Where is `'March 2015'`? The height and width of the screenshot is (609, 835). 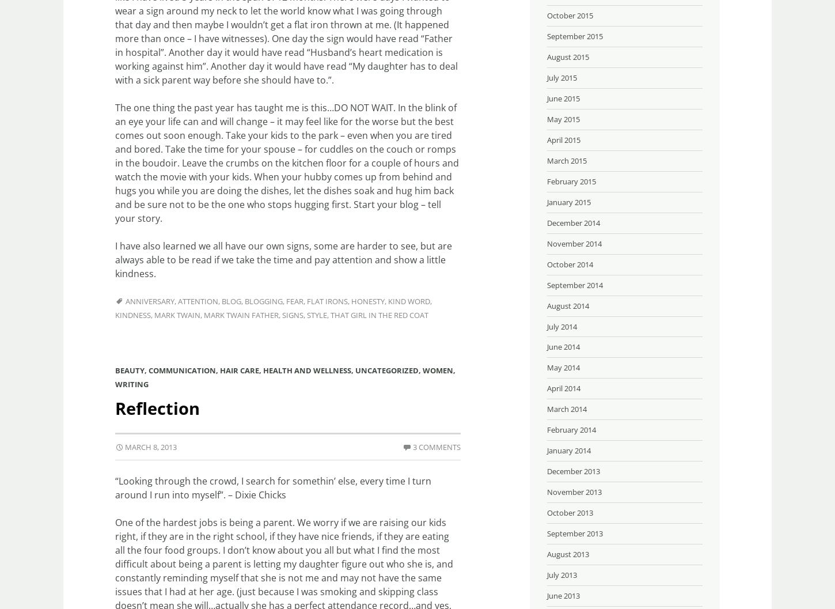
'March 2015' is located at coordinates (567, 159).